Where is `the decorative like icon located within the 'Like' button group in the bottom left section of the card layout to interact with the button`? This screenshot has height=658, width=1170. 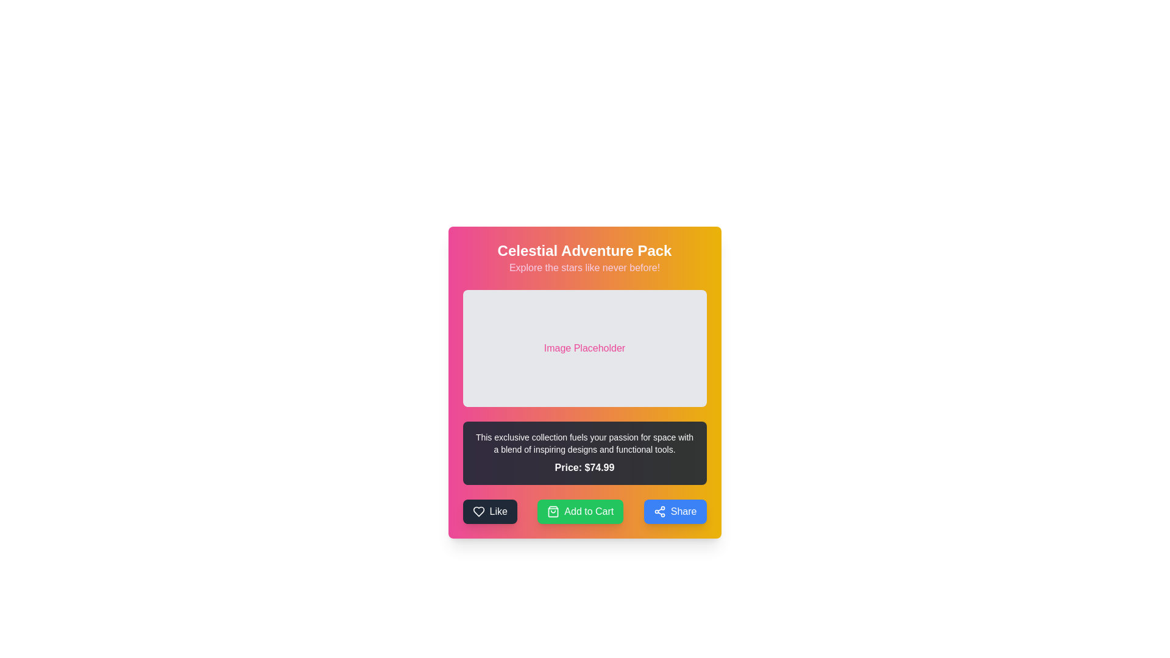
the decorative like icon located within the 'Like' button group in the bottom left section of the card layout to interact with the button is located at coordinates (478, 512).